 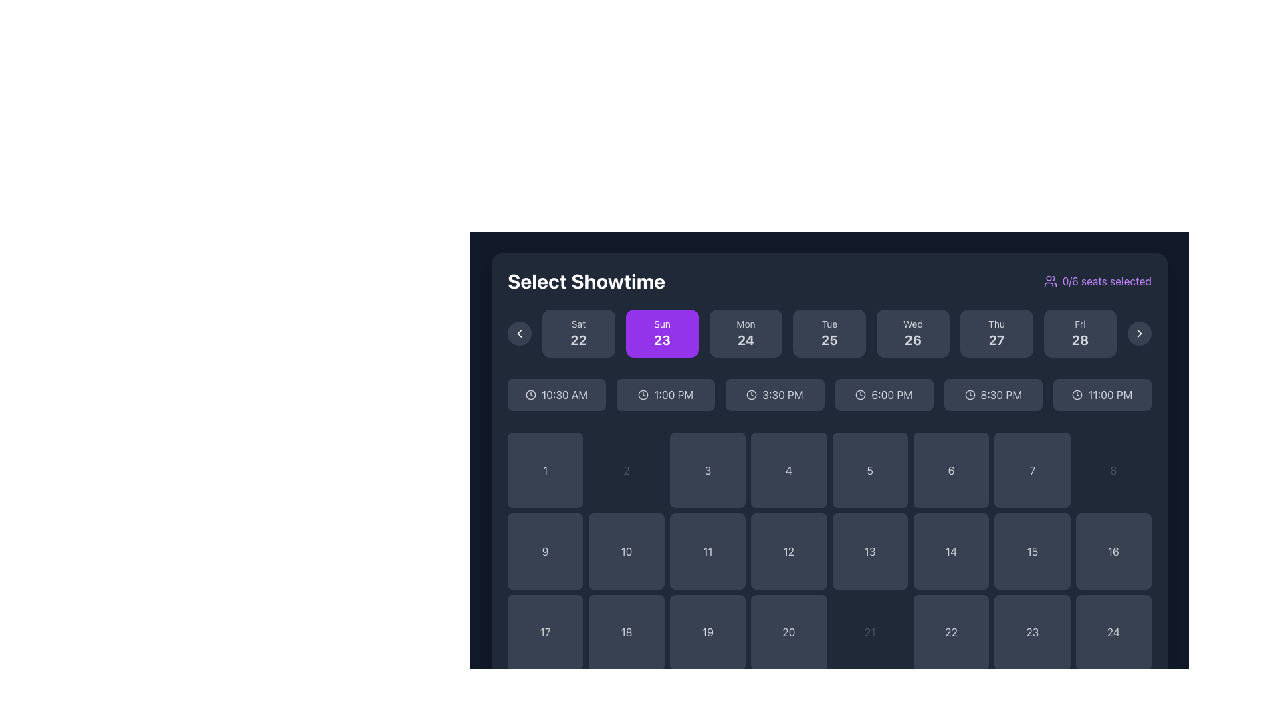 I want to click on the button located in the sixth row and sixth column of the grid interface, so click(x=950, y=632).